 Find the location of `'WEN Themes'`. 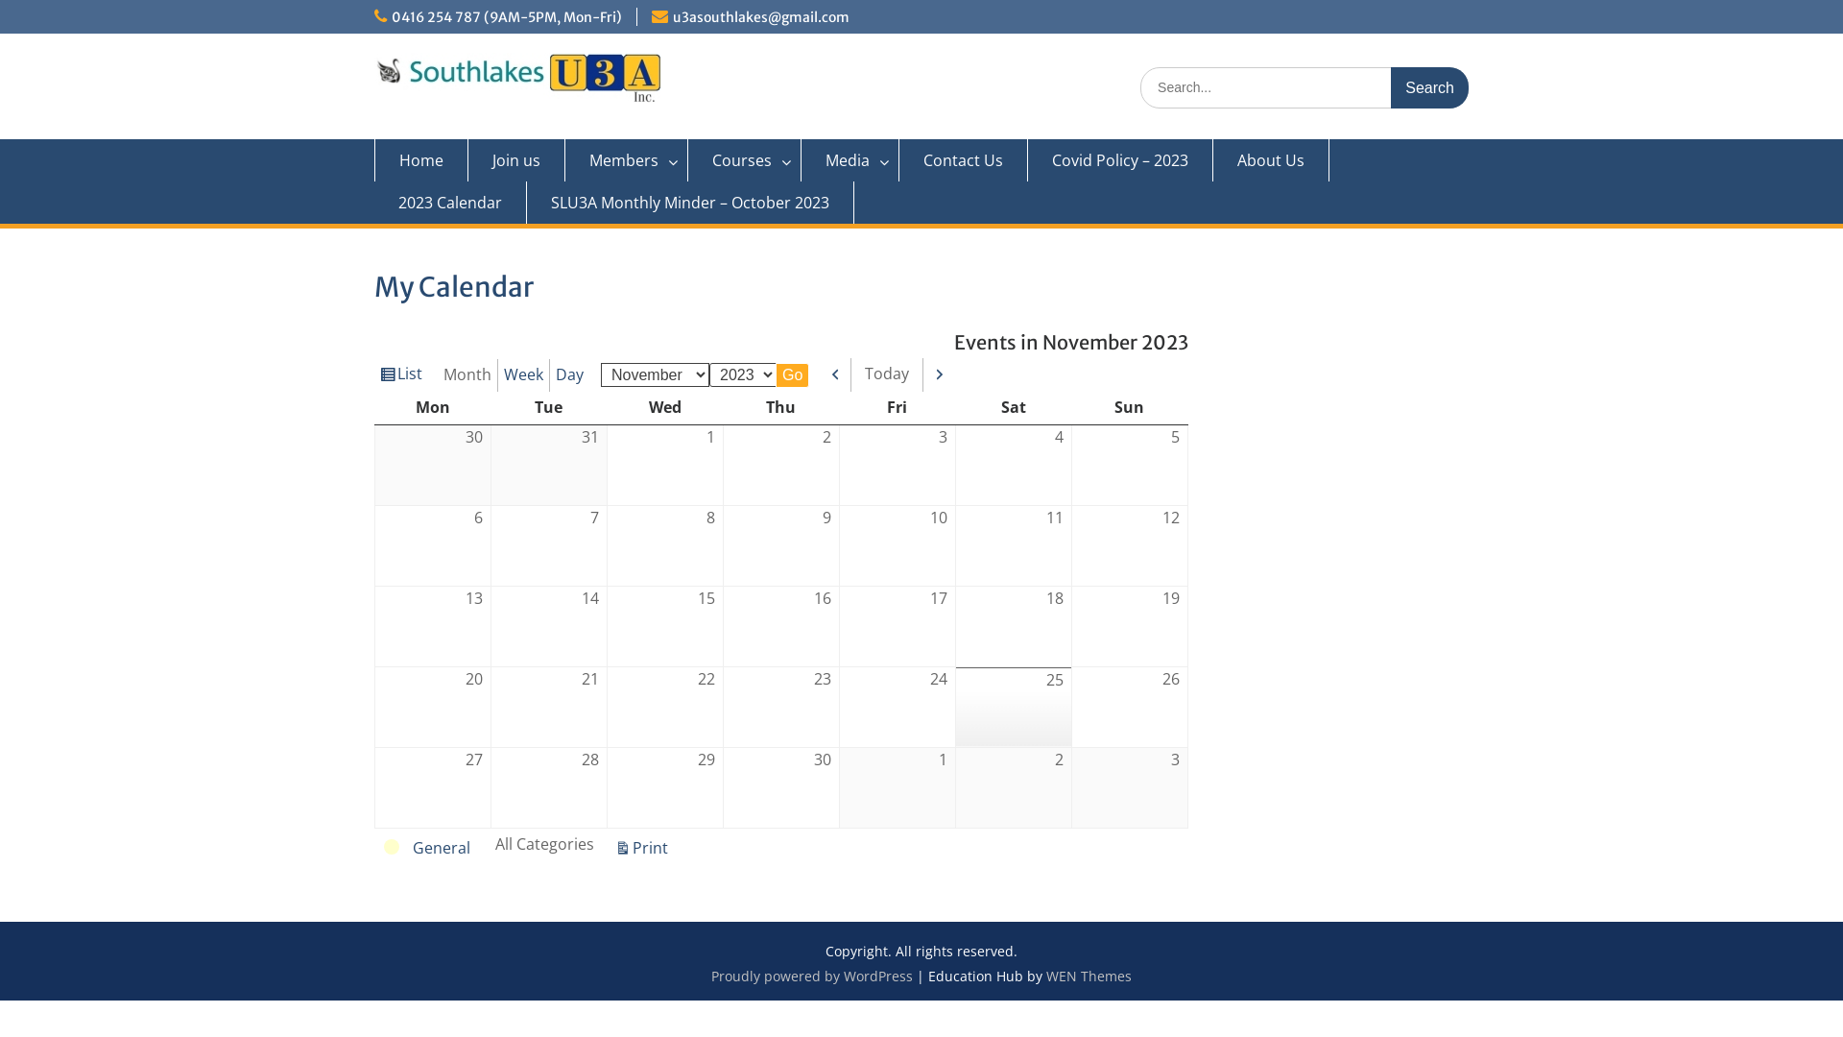

'WEN Themes' is located at coordinates (1089, 976).